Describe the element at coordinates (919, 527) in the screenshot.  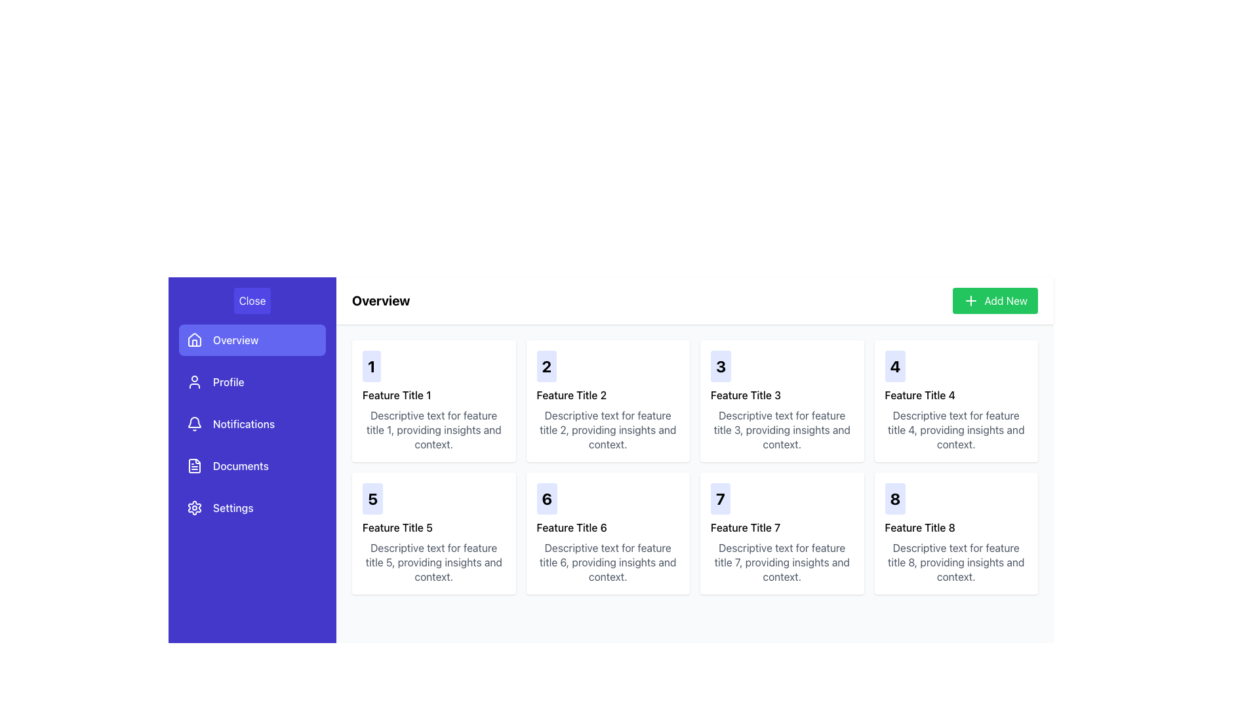
I see `the Text Label positioned in the top-right card of the grid layout, which serves as a title summarizing the card's content` at that location.